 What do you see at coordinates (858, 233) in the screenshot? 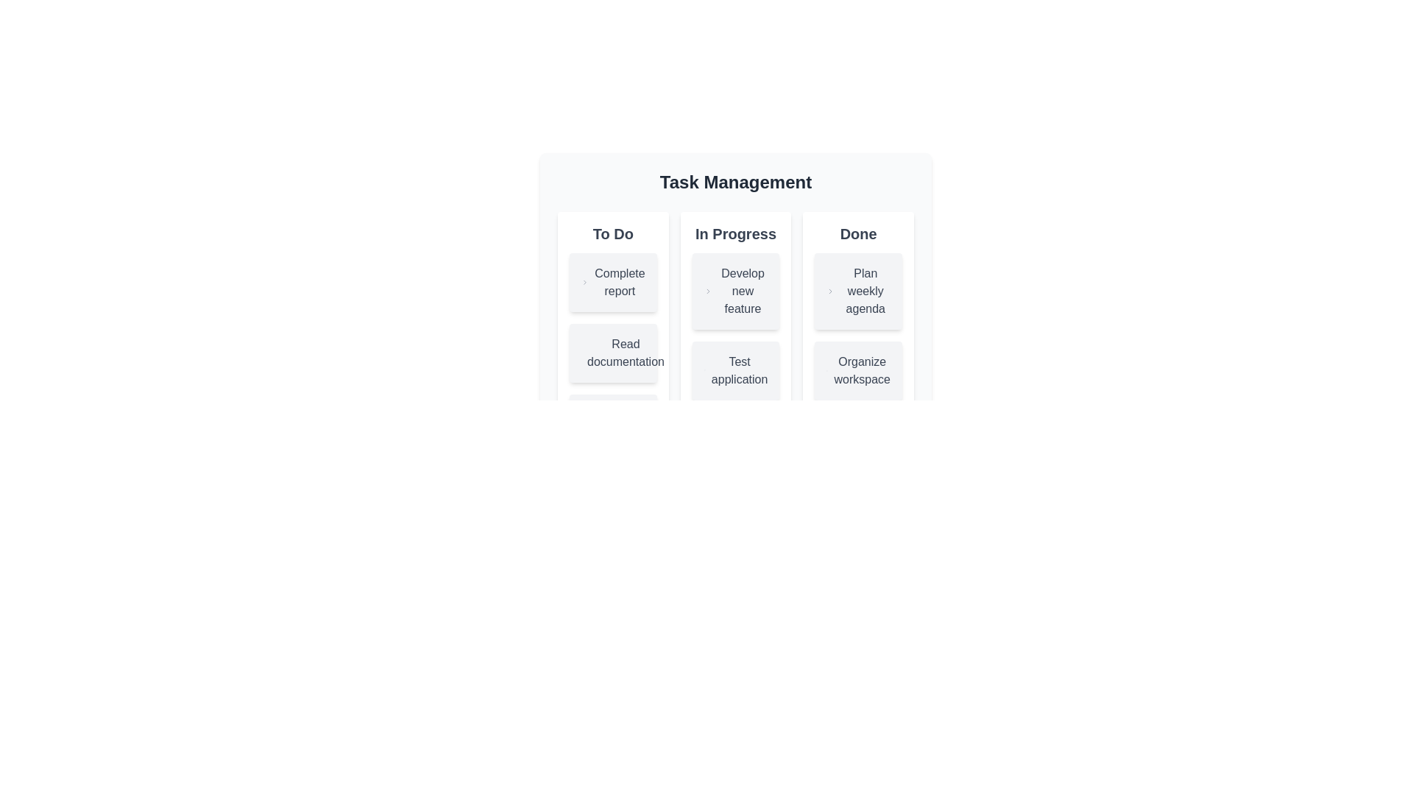
I see `the Text Label that serves as a section title for the 'Done' category in the task management interface` at bounding box center [858, 233].